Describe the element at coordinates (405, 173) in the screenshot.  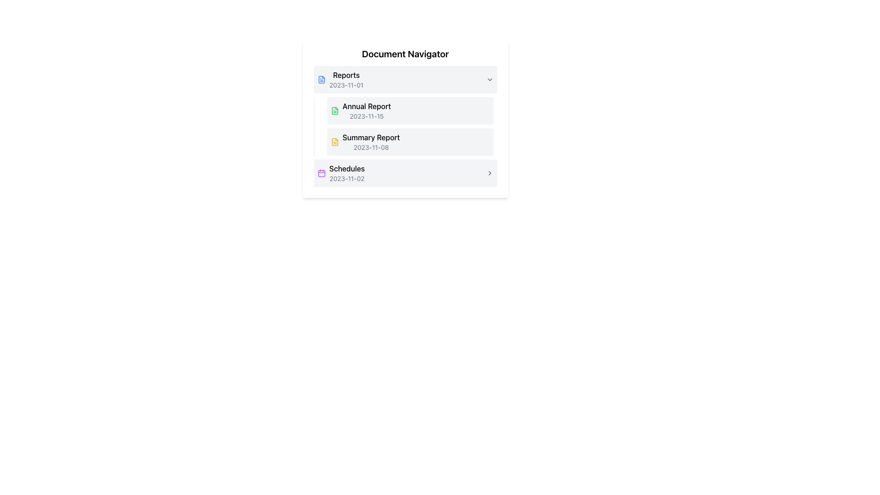
I see `the fourth list item` at that location.